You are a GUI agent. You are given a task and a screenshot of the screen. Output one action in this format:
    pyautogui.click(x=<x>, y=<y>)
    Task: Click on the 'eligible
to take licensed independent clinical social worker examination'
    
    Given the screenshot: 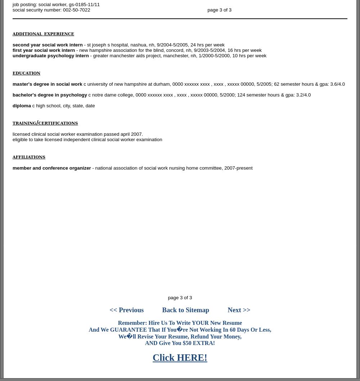 What is the action you would take?
    pyautogui.click(x=87, y=139)
    